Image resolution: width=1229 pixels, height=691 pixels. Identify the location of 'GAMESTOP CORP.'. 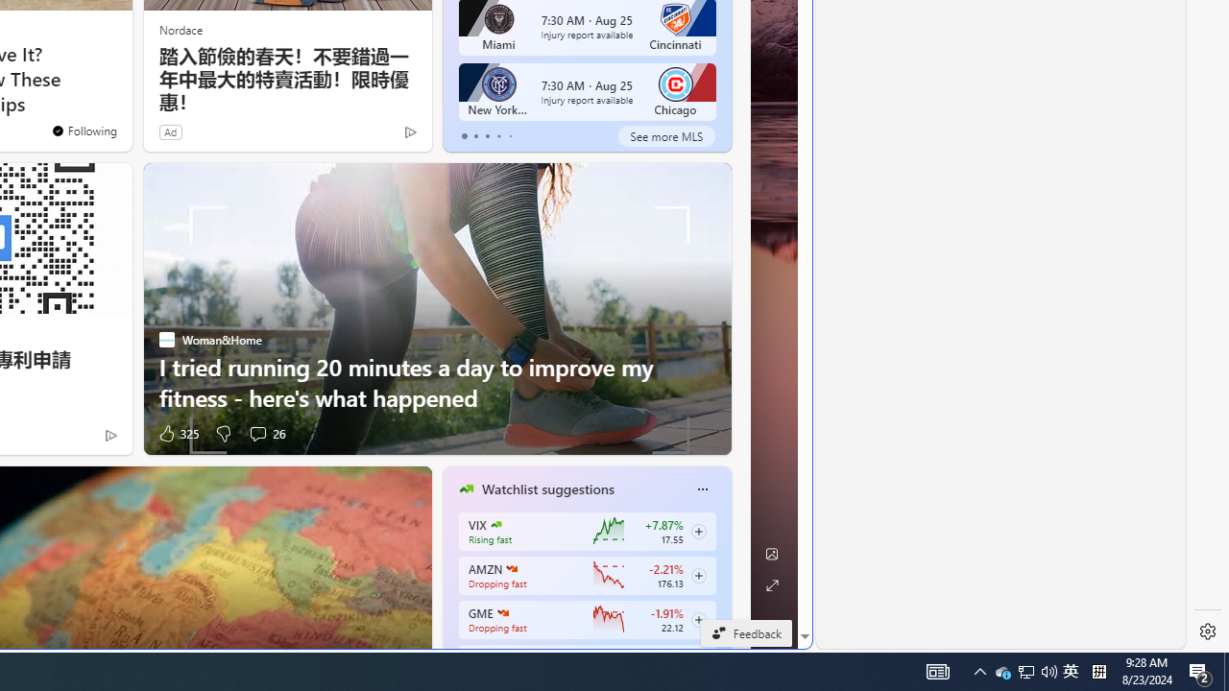
(502, 613).